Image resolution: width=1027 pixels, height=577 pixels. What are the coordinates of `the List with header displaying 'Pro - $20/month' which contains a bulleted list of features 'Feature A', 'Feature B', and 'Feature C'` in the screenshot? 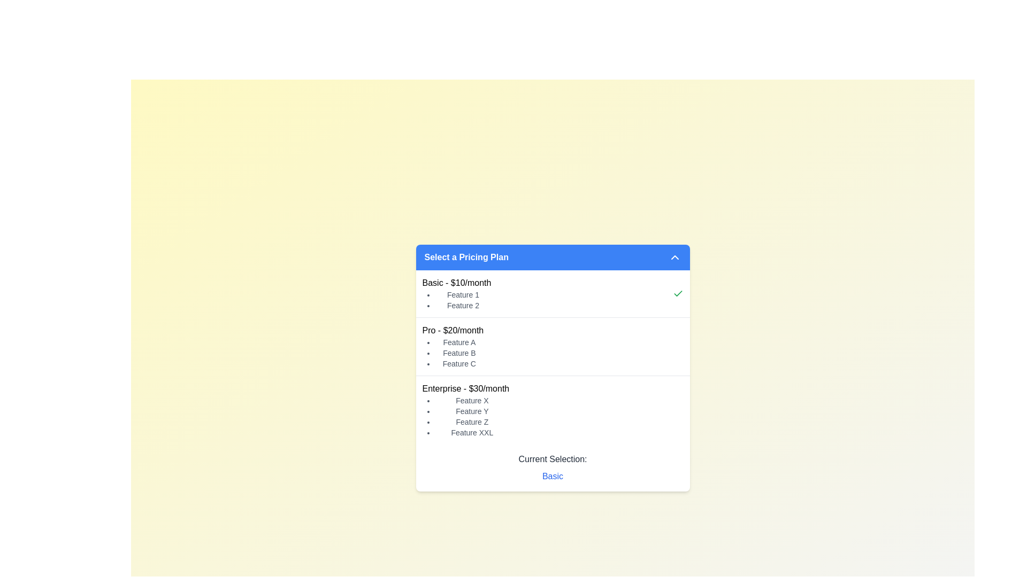 It's located at (453, 346).